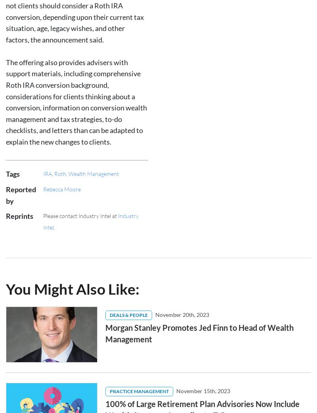 This screenshot has height=413, width=317. I want to click on 'News', so click(13, 316).